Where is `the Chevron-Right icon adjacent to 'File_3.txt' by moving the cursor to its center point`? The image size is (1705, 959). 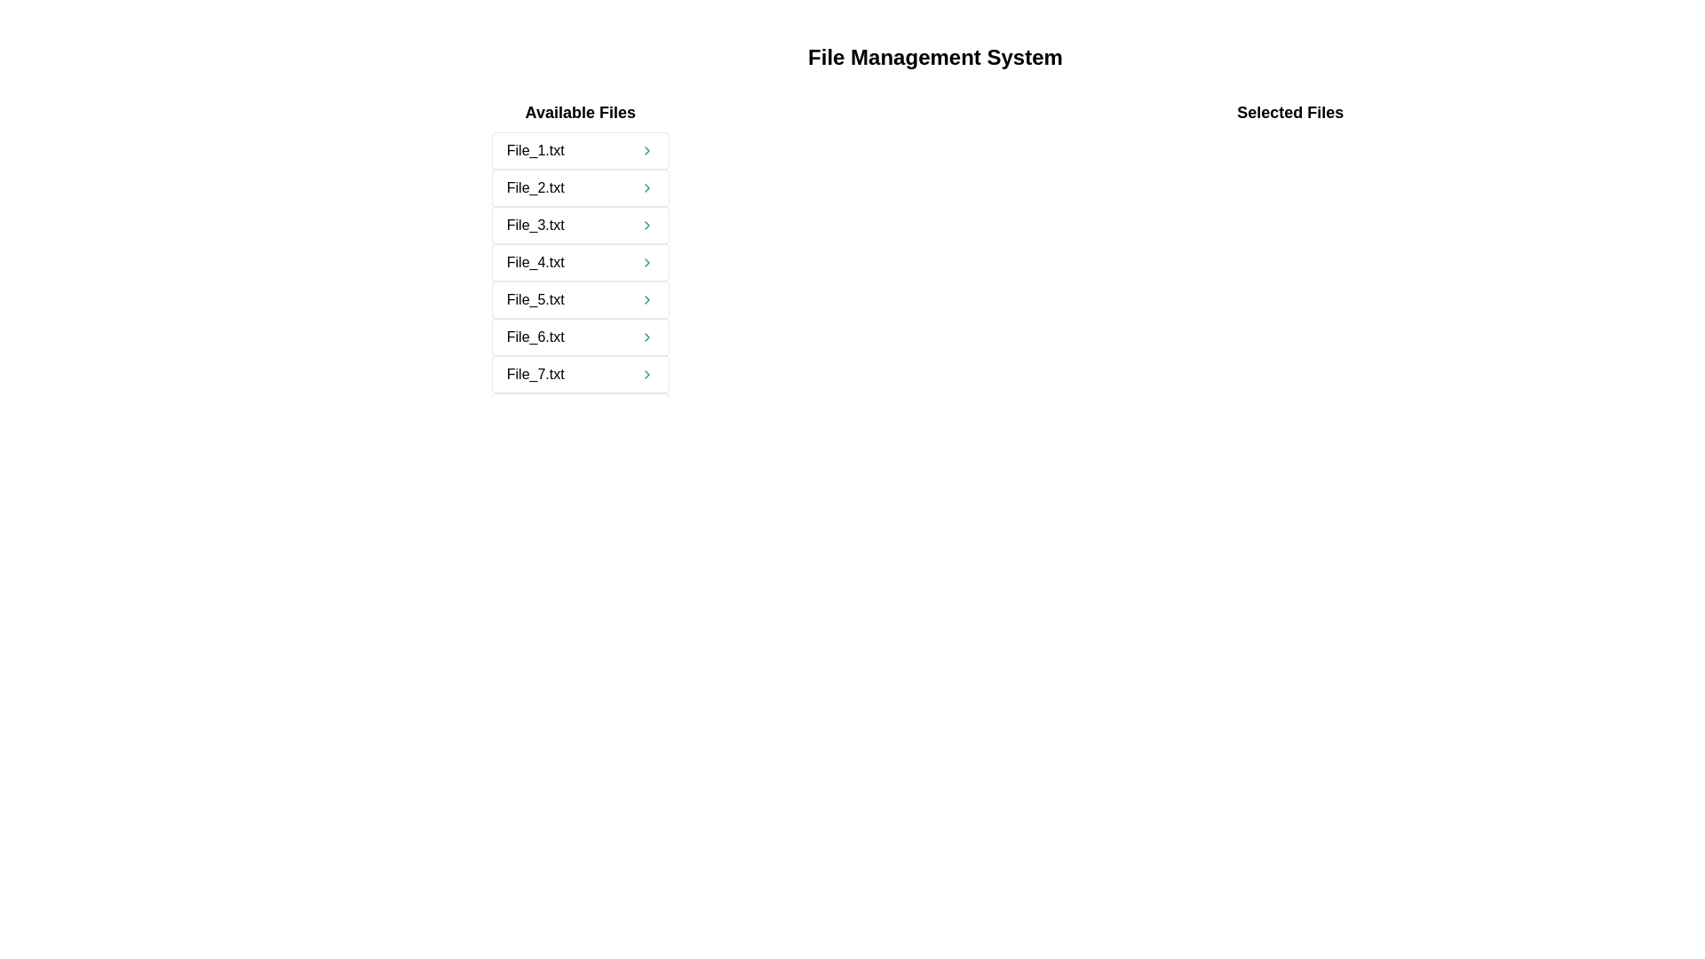 the Chevron-Right icon adjacent to 'File_3.txt' by moving the cursor to its center point is located at coordinates (646, 225).